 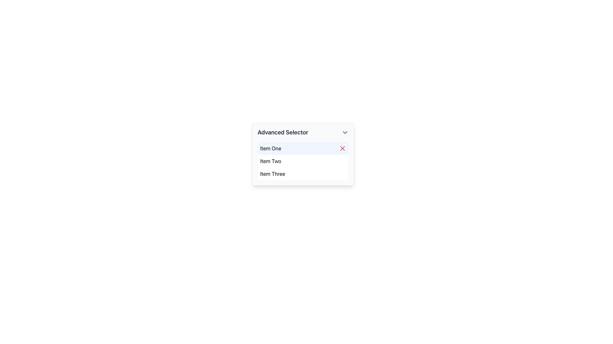 I want to click on the 'Advanced Selector' text label, which is a bold dark gray label located at the top of the dropdown interface, aligned with the toggle icon, so click(x=283, y=132).